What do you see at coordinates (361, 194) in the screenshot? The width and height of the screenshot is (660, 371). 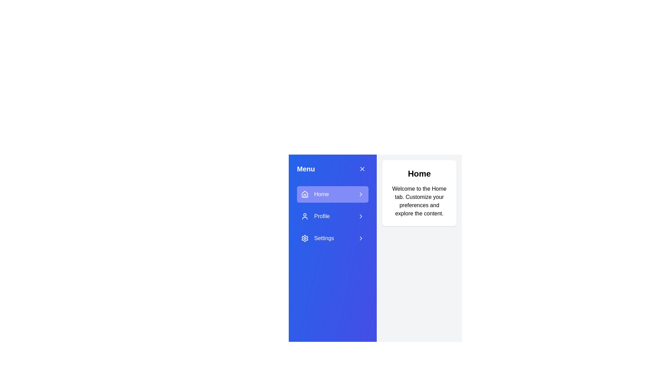 I see `the chevron SVG icon representing a navigation arrow located` at bounding box center [361, 194].